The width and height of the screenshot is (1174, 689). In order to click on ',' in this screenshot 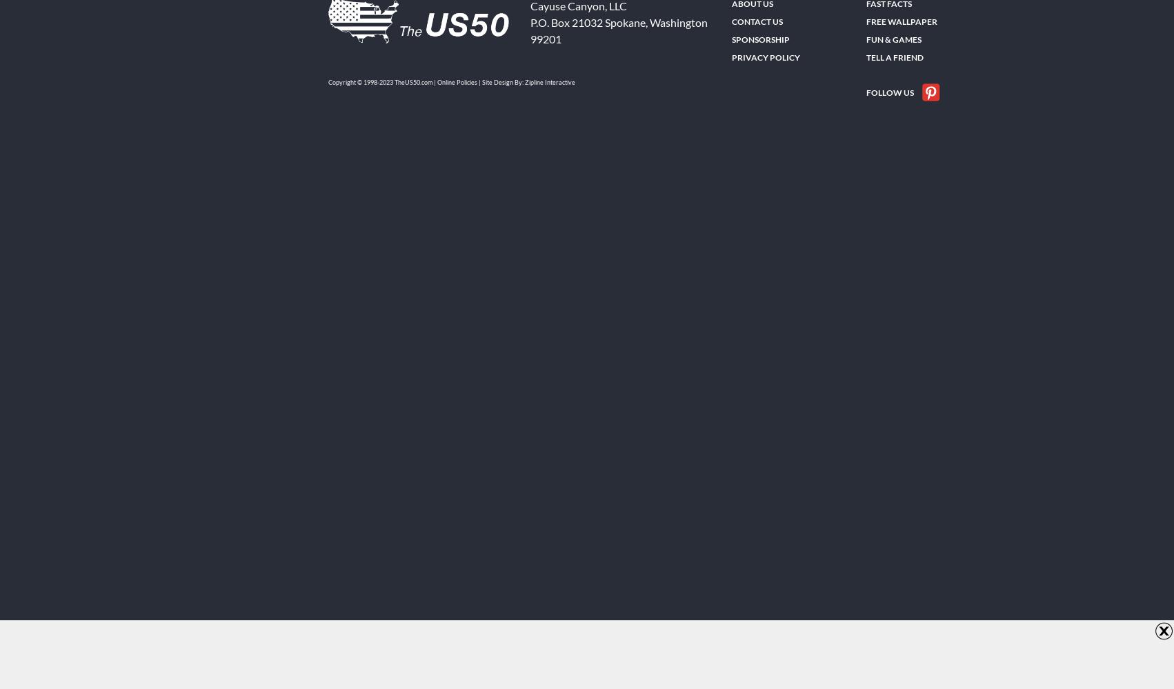, I will do `click(646, 22)`.